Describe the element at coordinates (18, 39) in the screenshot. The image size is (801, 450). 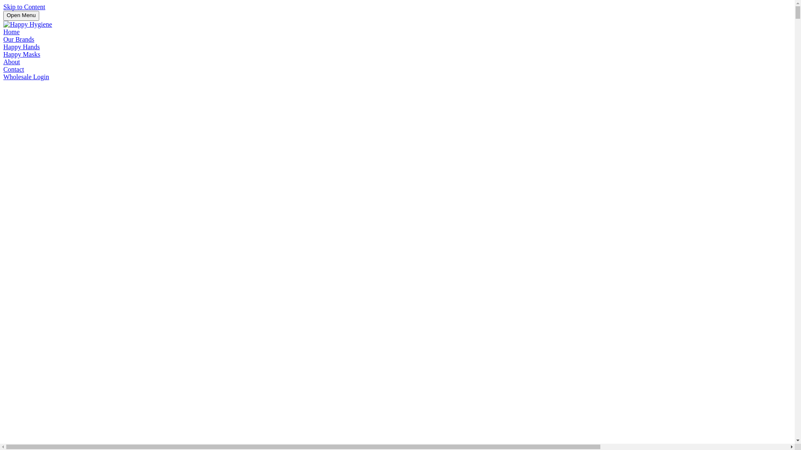
I see `'Our Brands'` at that location.